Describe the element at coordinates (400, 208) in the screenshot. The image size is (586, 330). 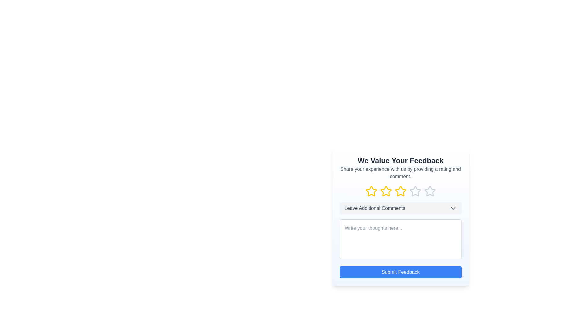
I see `the button labeled 'Leave Additional Comments'` at that location.